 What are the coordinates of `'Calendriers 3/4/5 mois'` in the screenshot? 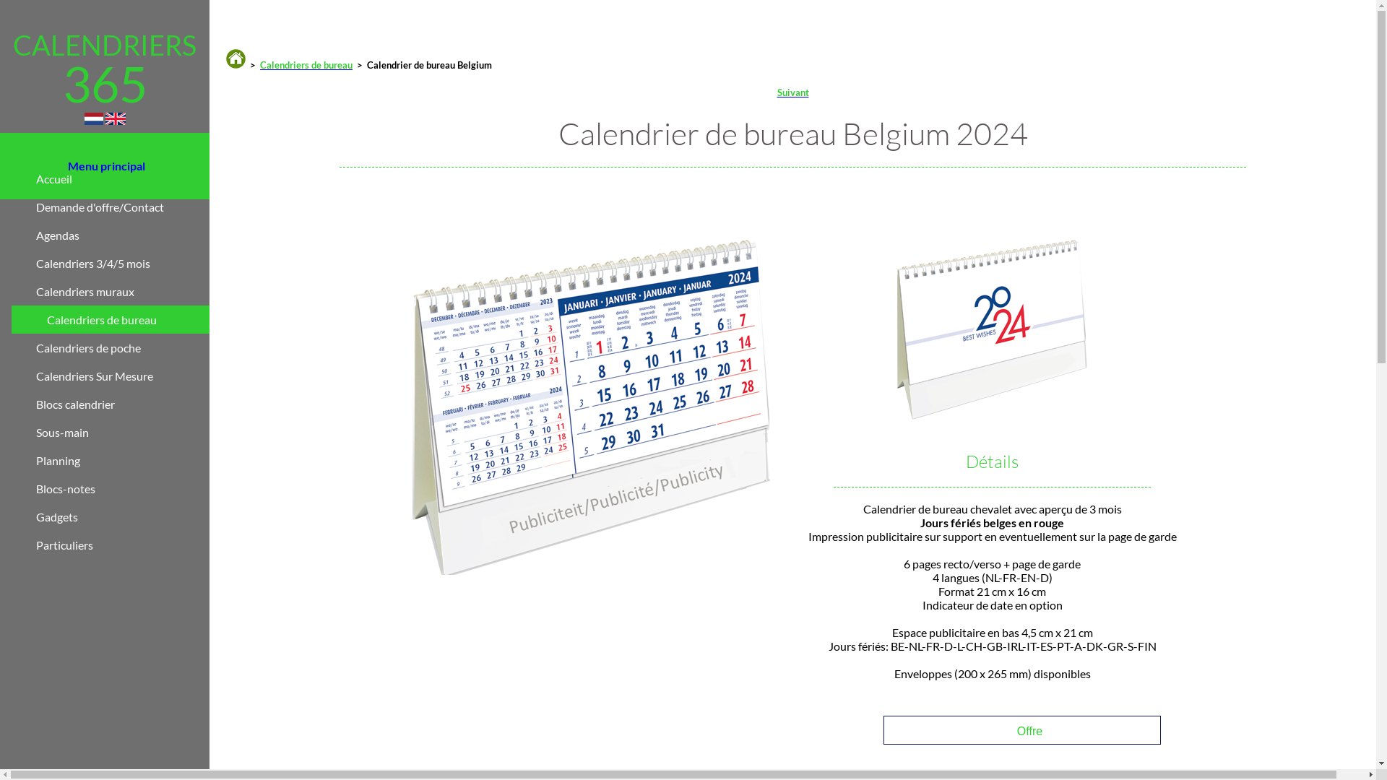 It's located at (122, 263).